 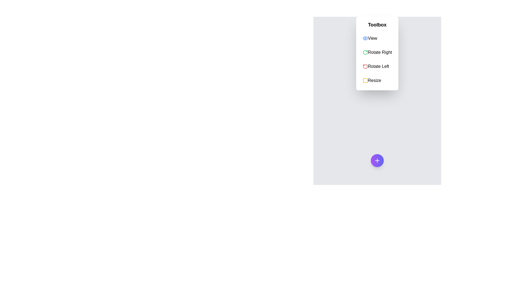 What do you see at coordinates (377, 160) in the screenshot?
I see `the speed dial button to toggle its state` at bounding box center [377, 160].